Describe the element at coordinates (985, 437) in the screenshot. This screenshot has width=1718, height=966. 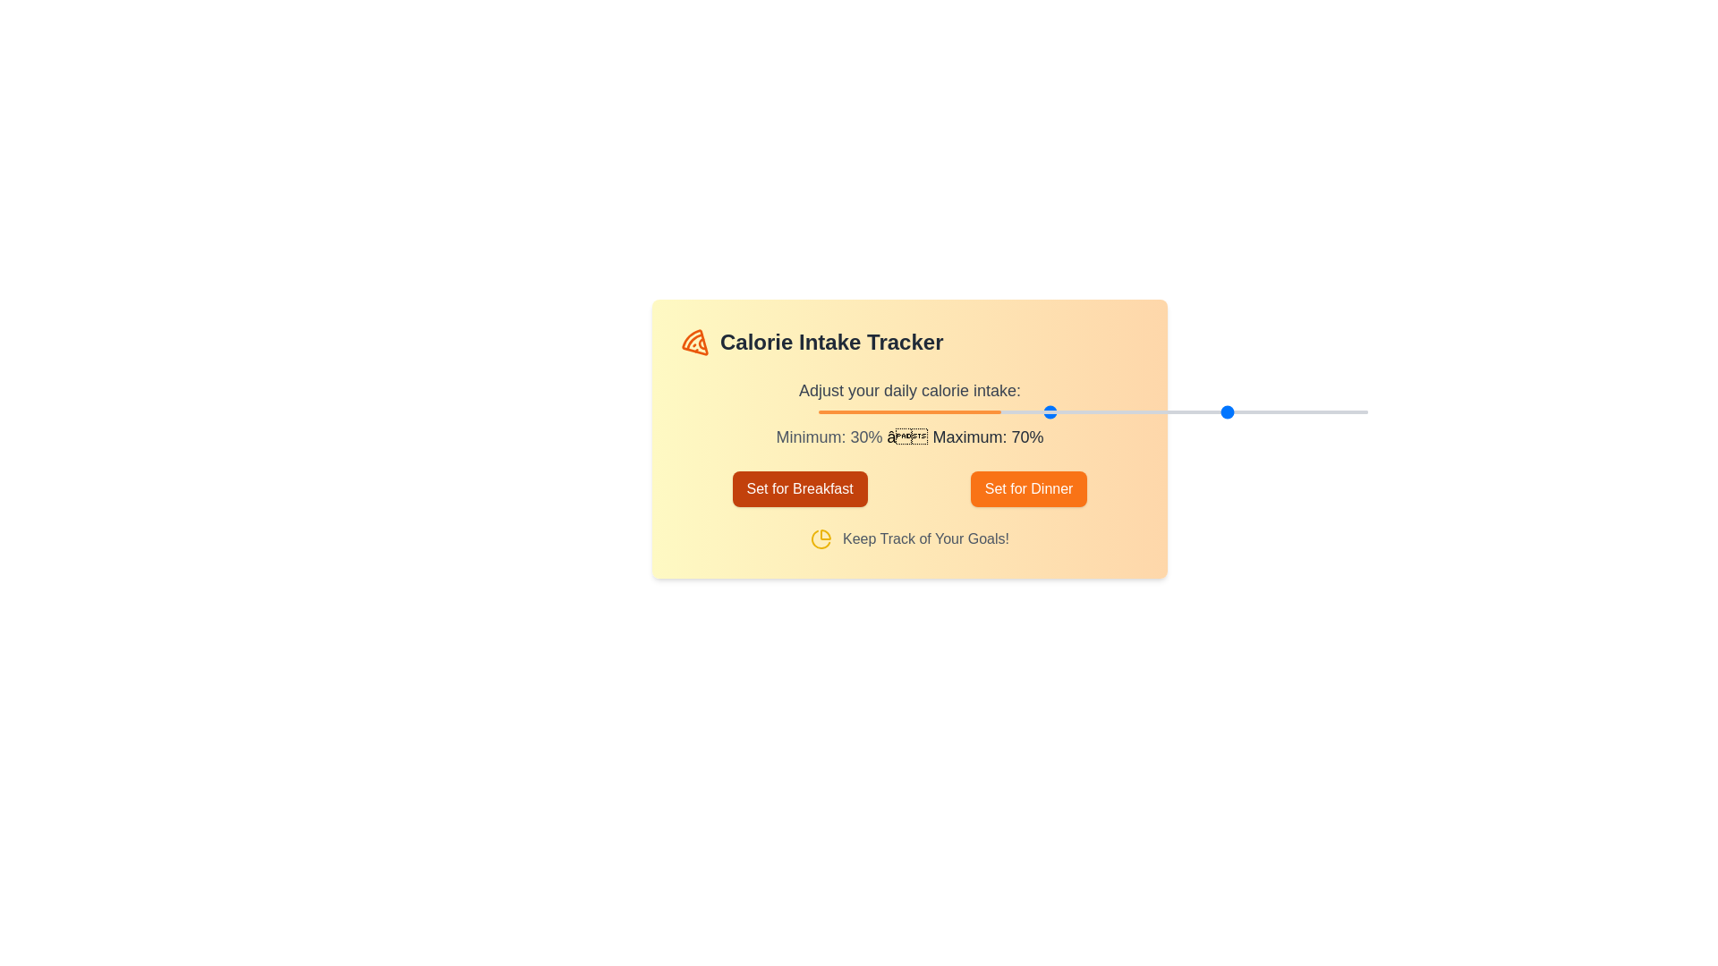
I see `the static text element displaying 'Maximum: 70%' which is positioned to the right of 'Minimum: 30%' in a bold, dark-gray font` at that location.